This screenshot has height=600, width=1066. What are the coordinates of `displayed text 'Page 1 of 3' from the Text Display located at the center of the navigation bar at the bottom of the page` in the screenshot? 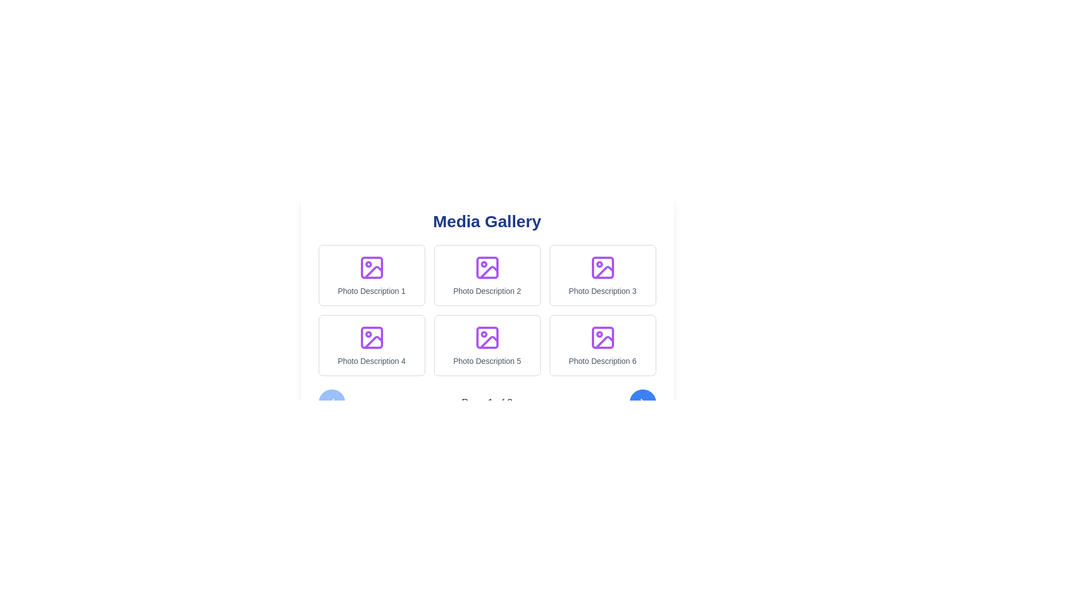 It's located at (487, 403).